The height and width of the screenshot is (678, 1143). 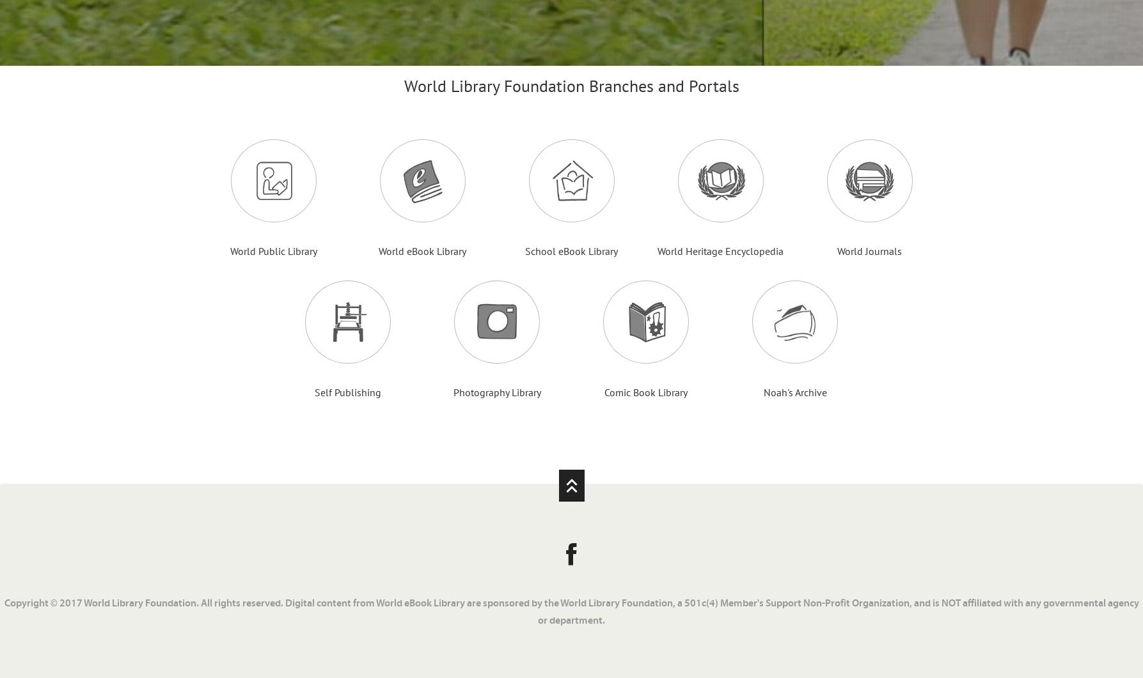 What do you see at coordinates (496, 391) in the screenshot?
I see `'Photography Library'` at bounding box center [496, 391].